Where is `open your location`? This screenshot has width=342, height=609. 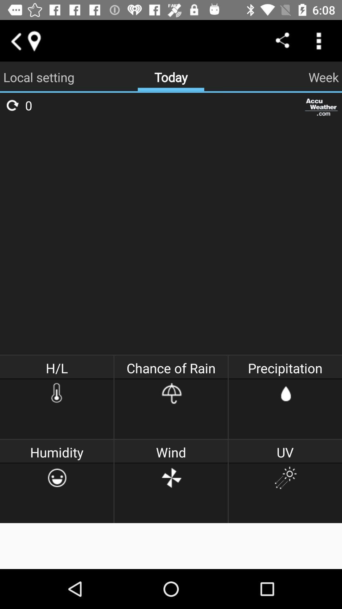
open your location is located at coordinates (34, 40).